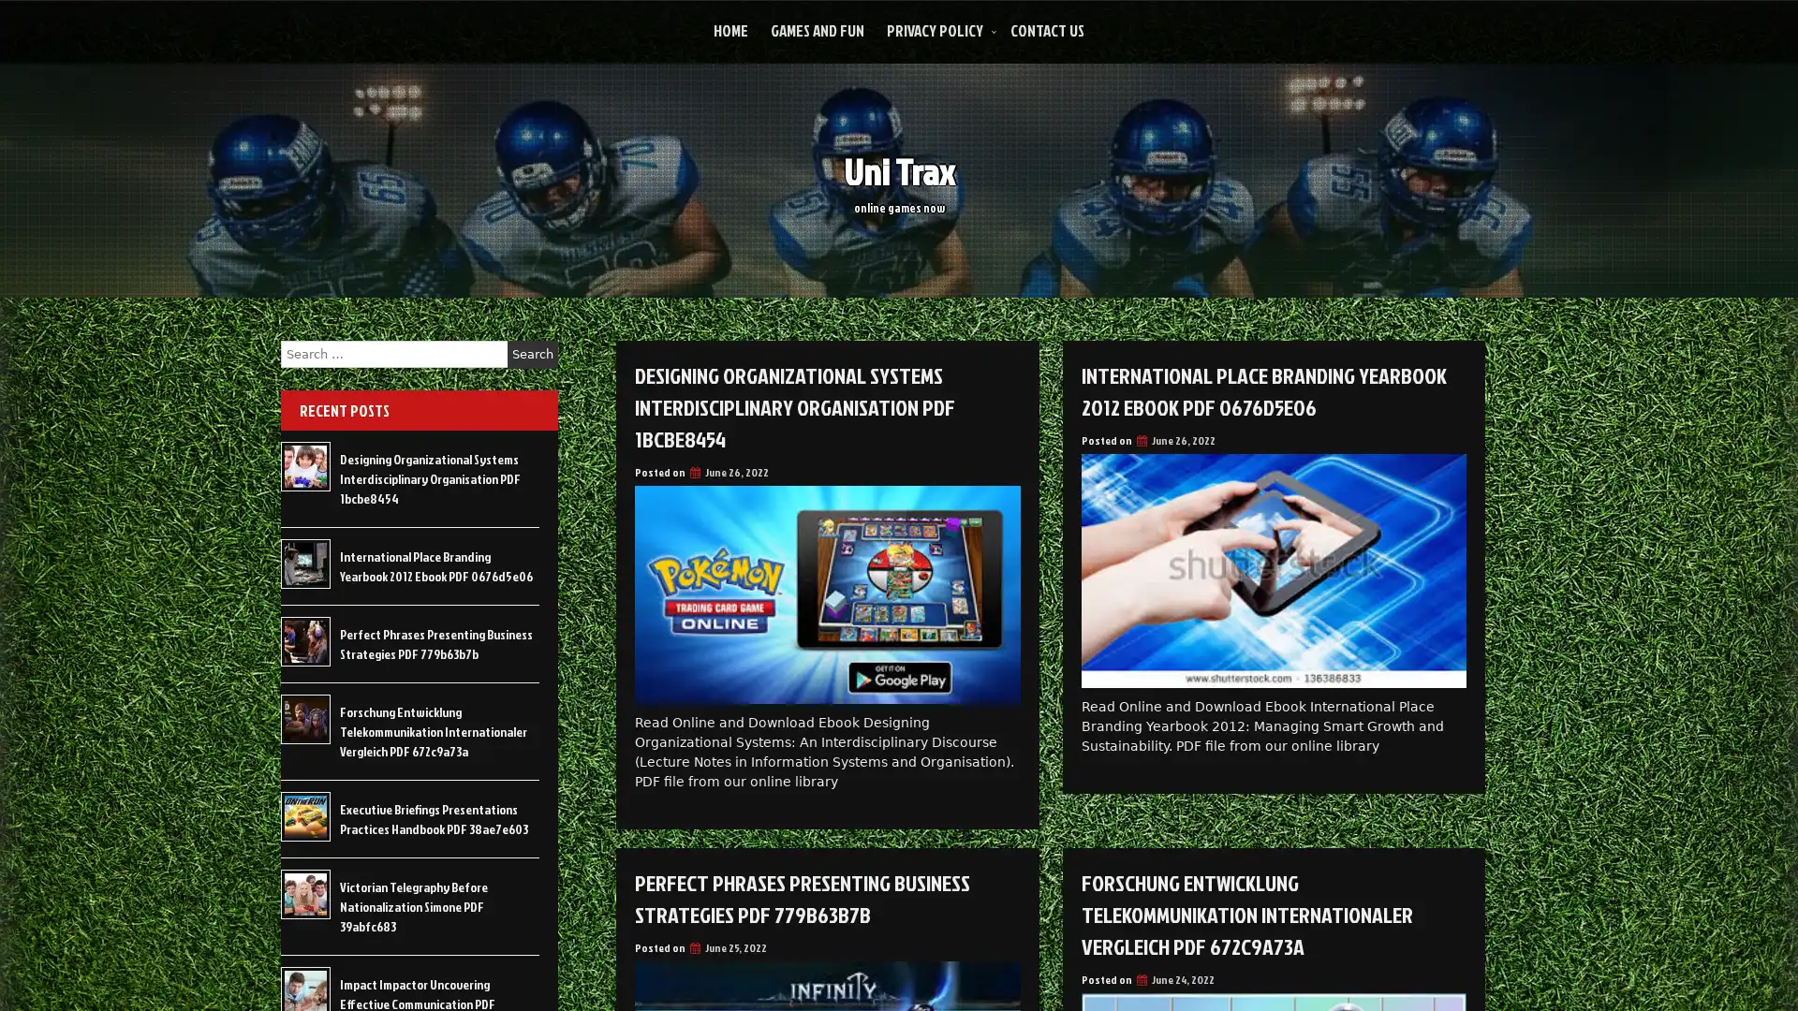  Describe the element at coordinates (532, 354) in the screenshot. I see `Search` at that location.